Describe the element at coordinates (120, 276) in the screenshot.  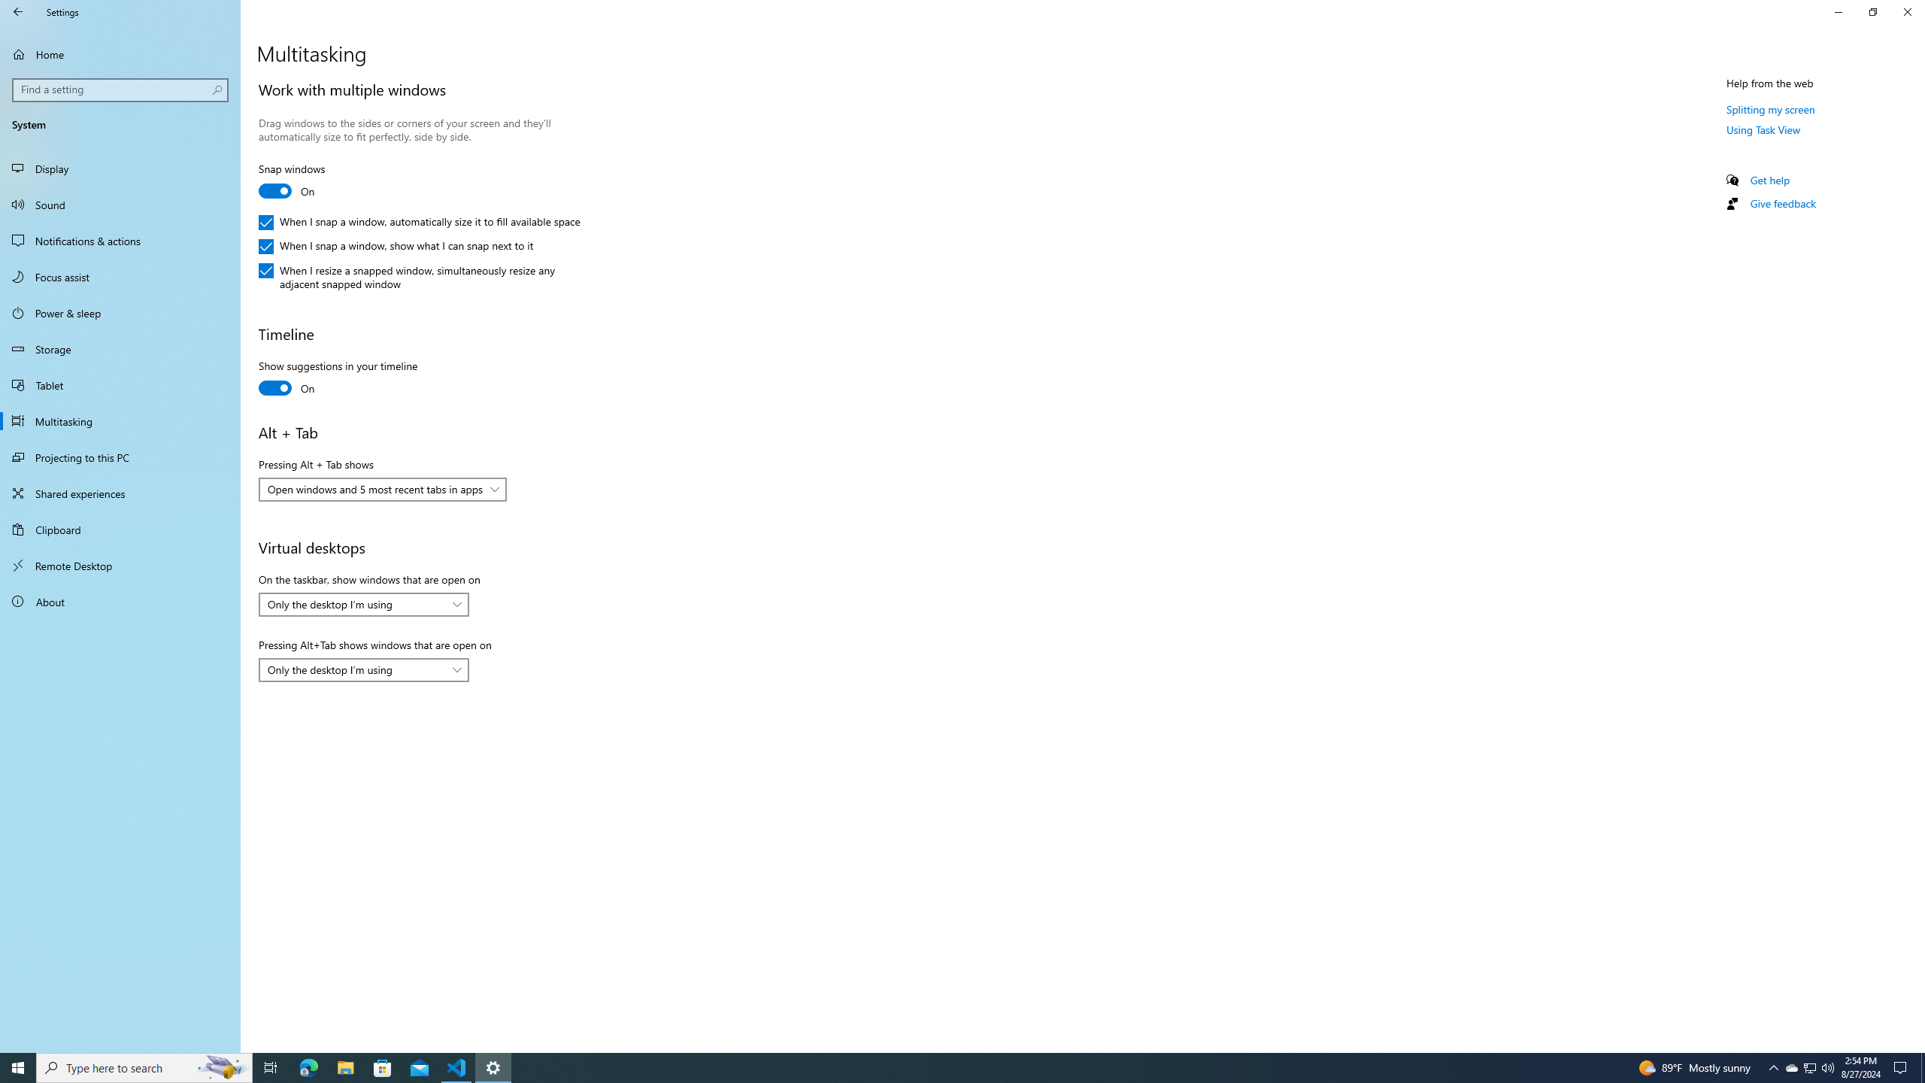
I see `'Focus assist'` at that location.